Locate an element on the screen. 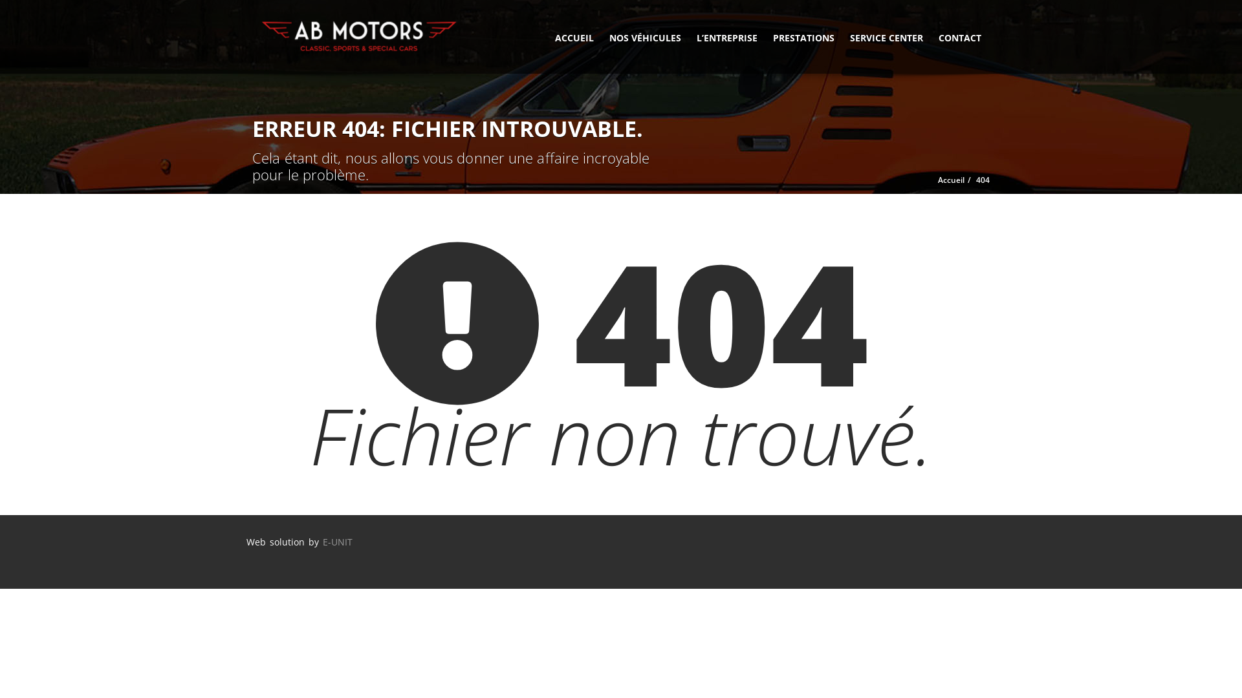 This screenshot has width=1242, height=698. 'E-UNIT' is located at coordinates (322, 542).